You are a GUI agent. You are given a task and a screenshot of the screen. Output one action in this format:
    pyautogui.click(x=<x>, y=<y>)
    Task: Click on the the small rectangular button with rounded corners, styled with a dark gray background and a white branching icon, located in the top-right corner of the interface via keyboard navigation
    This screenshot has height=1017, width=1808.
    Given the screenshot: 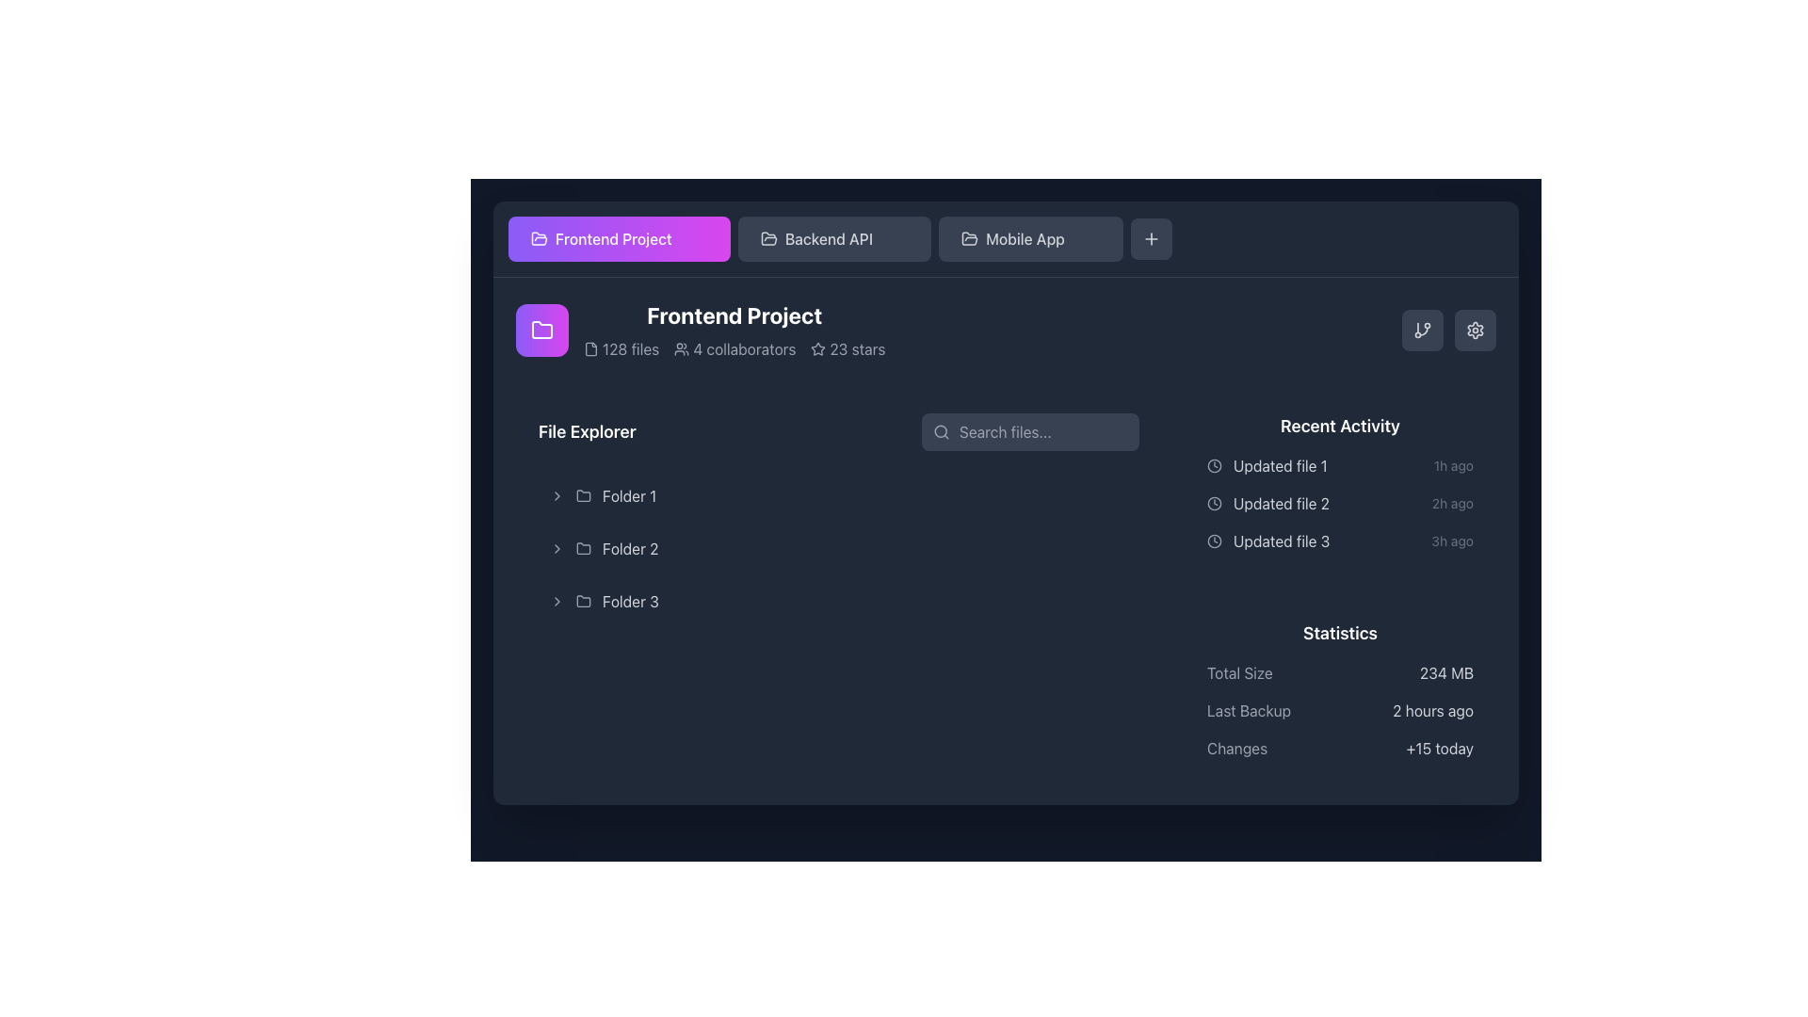 What is the action you would take?
    pyautogui.click(x=1423, y=330)
    